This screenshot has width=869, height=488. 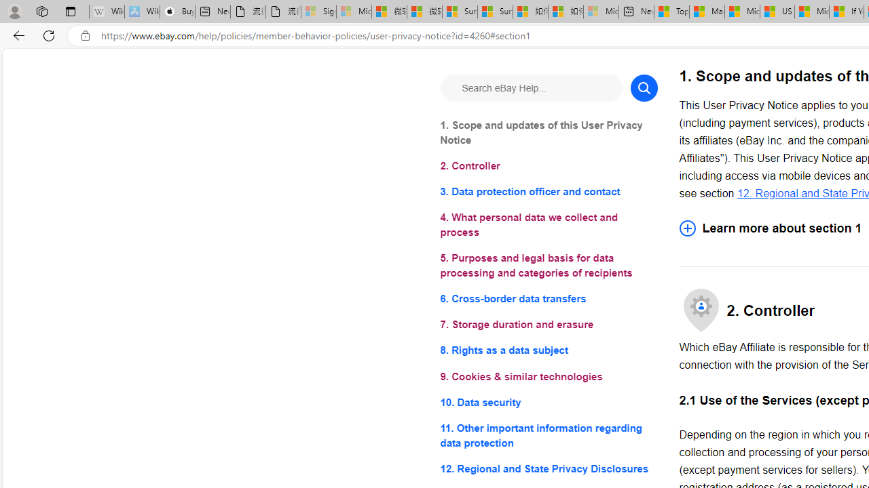 I want to click on 'Microsoft Services Agreement - Sleeping', so click(x=353, y=12).